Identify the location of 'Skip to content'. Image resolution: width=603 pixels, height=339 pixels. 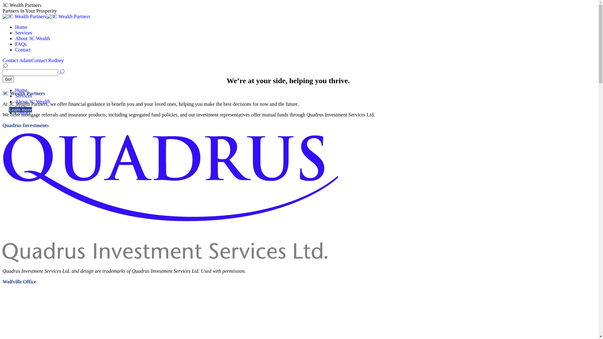
(2, 2).